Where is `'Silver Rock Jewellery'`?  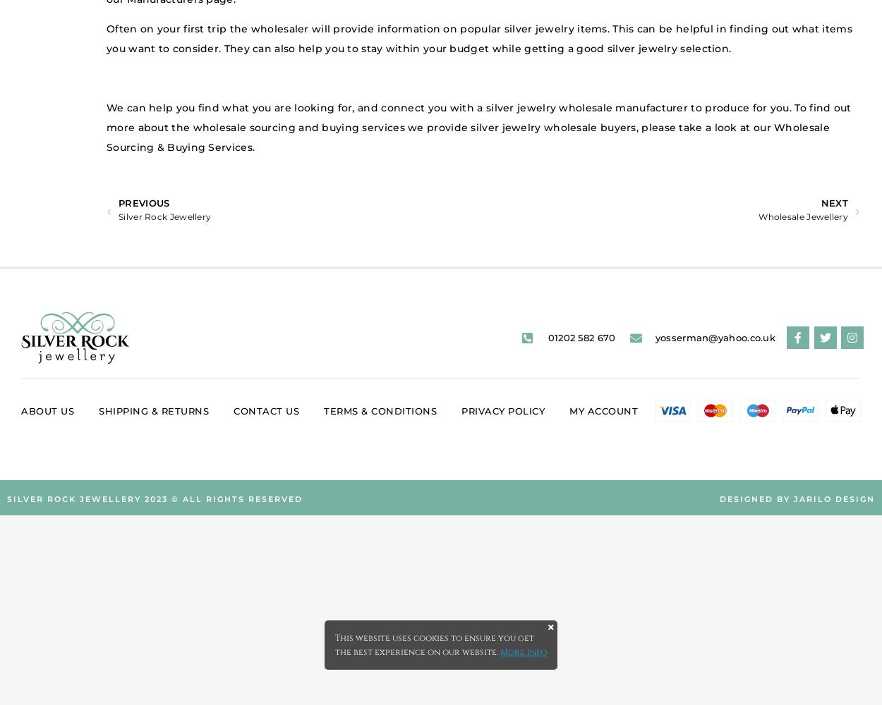
'Silver Rock Jewellery' is located at coordinates (164, 216).